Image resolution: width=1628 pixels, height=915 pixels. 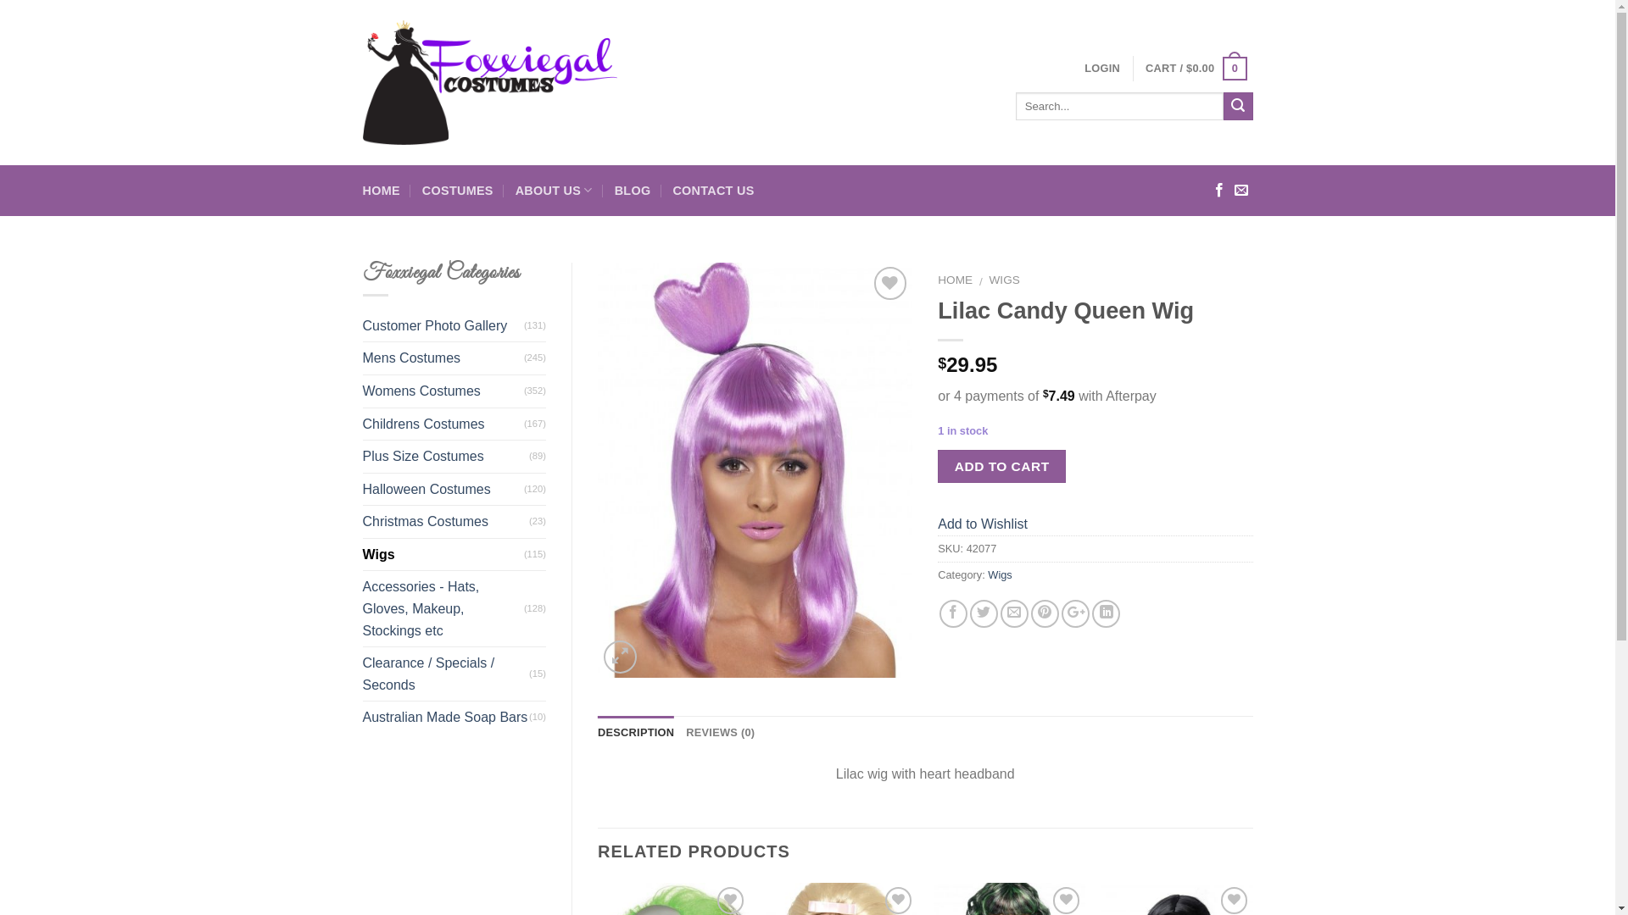 What do you see at coordinates (720, 731) in the screenshot?
I see `'REVIEWS (0)'` at bounding box center [720, 731].